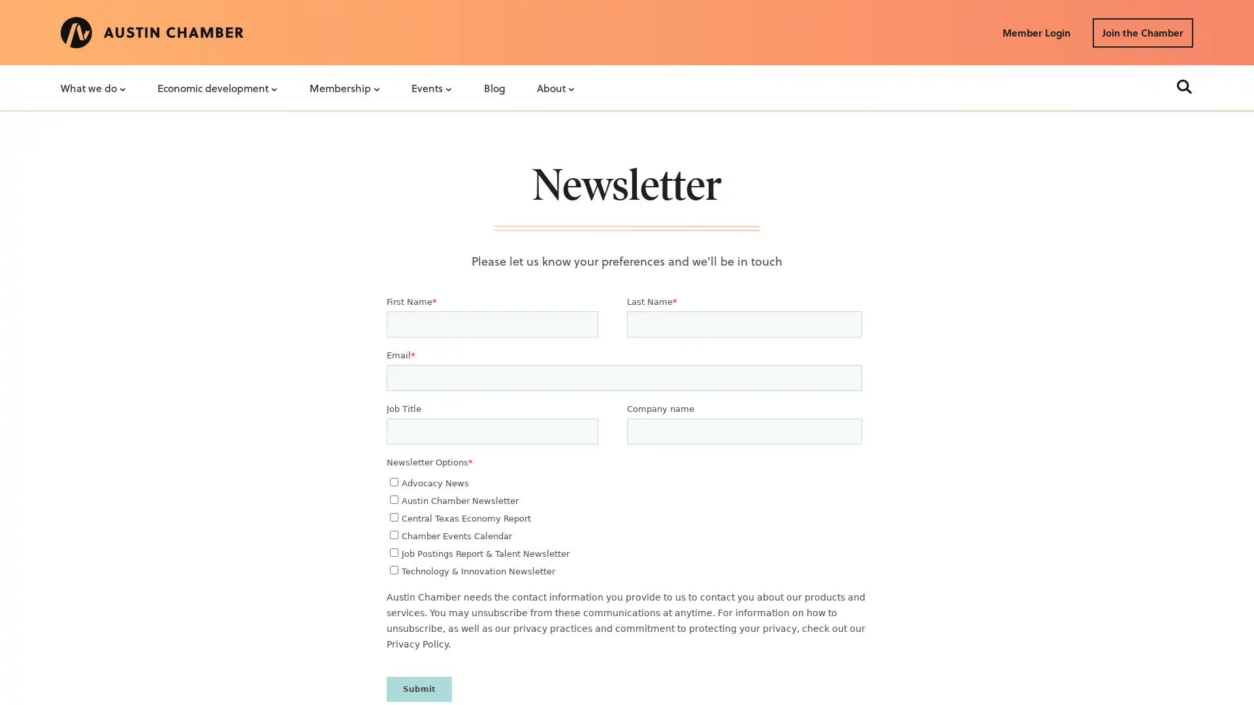  Describe the element at coordinates (1184, 87) in the screenshot. I see `Search` at that location.